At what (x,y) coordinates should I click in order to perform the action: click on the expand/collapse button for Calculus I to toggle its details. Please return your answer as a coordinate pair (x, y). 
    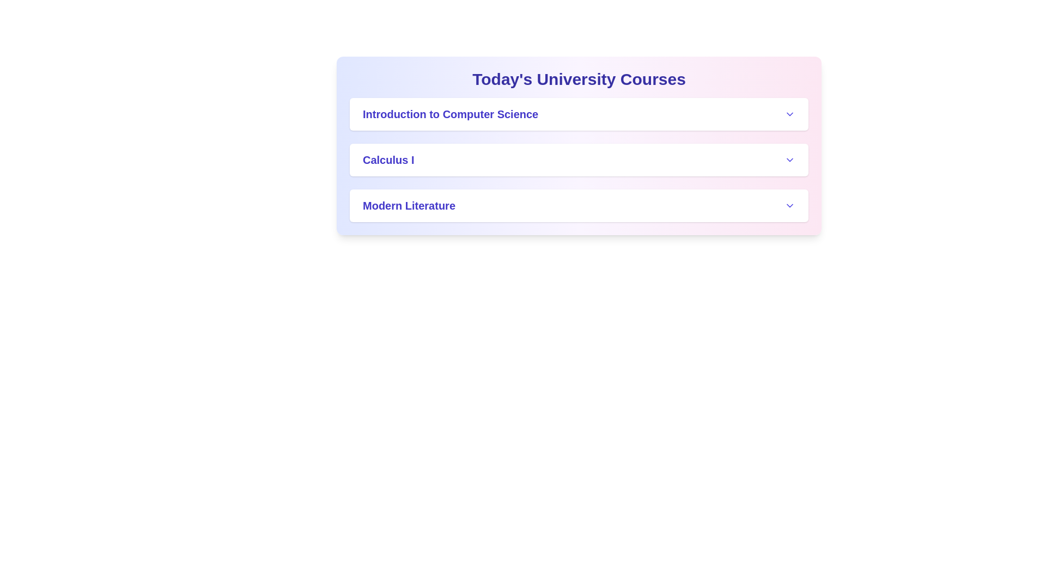
    Looking at the image, I should click on (789, 160).